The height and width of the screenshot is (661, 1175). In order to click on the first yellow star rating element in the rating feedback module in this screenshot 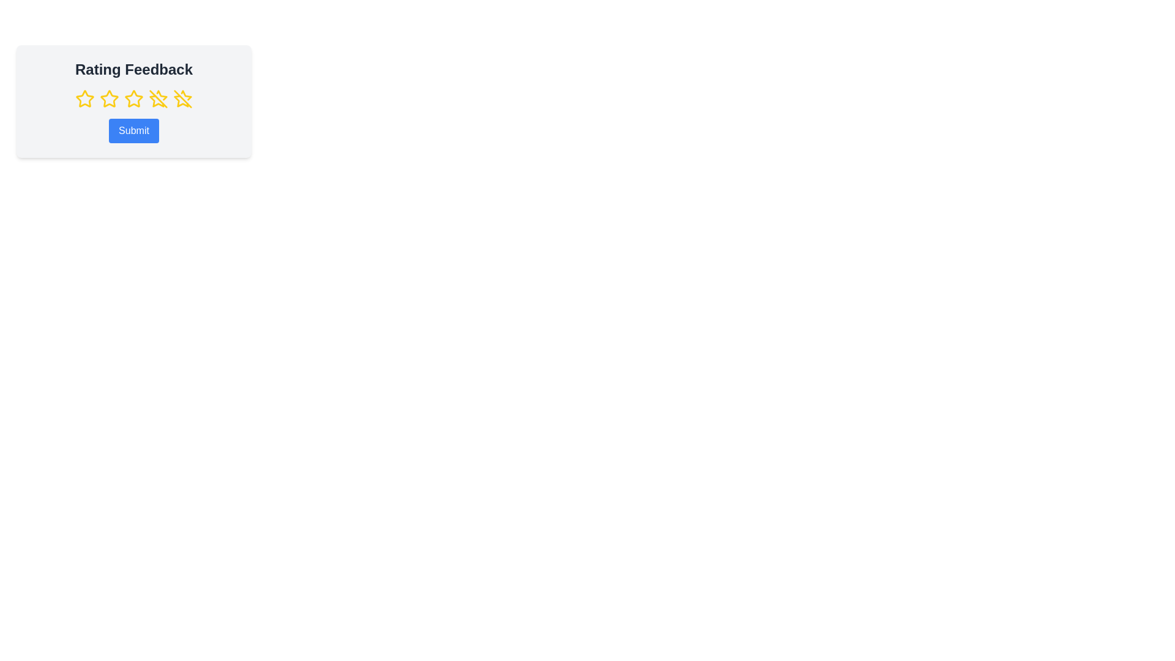, I will do `click(84, 98)`.